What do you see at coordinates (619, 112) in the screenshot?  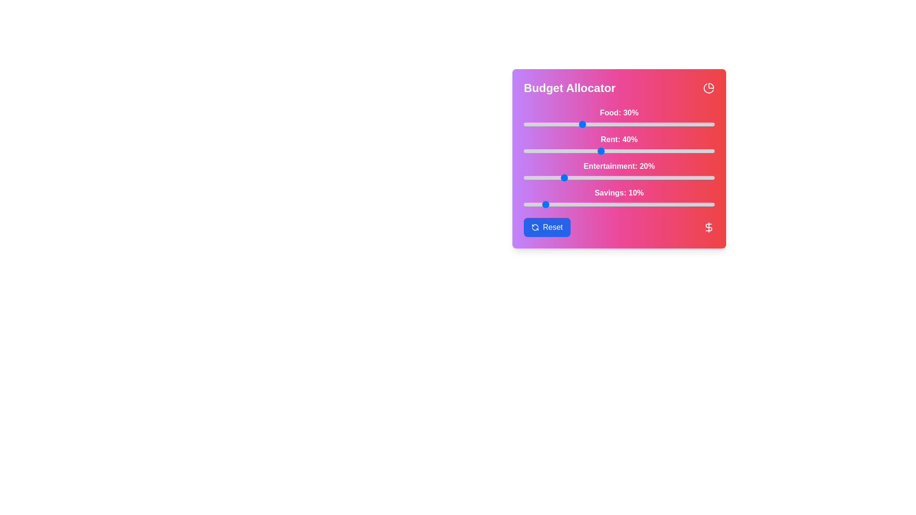 I see `the text label displaying 'Food: 30%' in bold white font, which is located within a gradient background of purple to red, near the top of the 'Budget Allocator' box` at bounding box center [619, 112].